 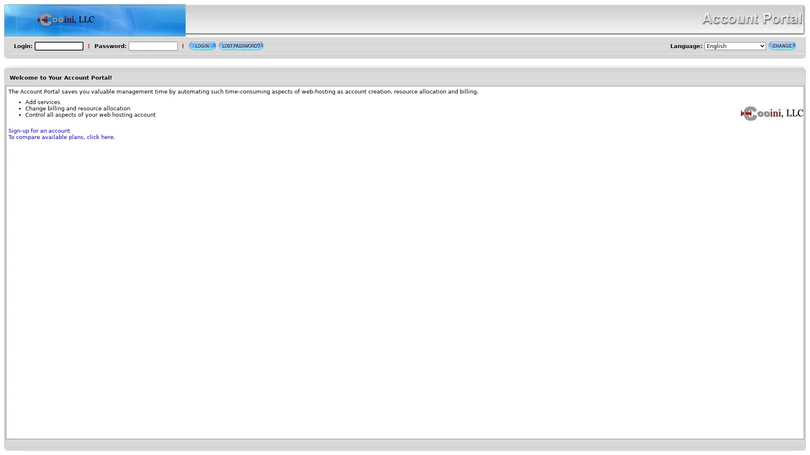 I want to click on Submit, so click(x=202, y=46).